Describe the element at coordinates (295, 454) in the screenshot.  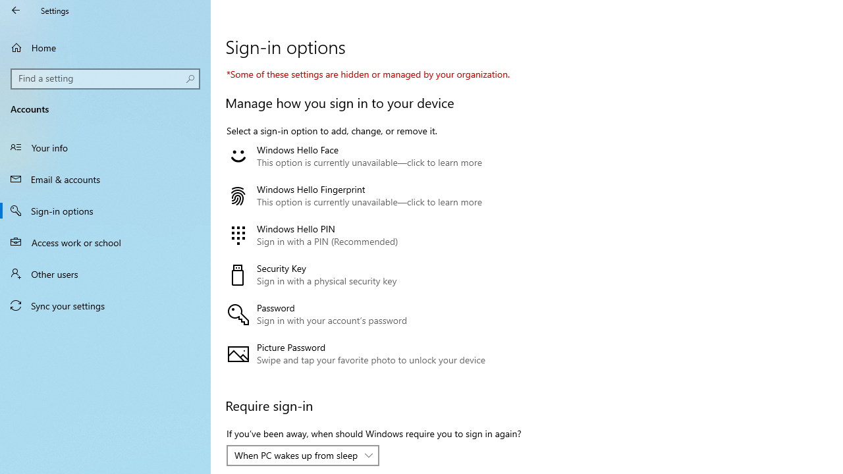
I see `'When PC wakes up from sleep'` at that location.